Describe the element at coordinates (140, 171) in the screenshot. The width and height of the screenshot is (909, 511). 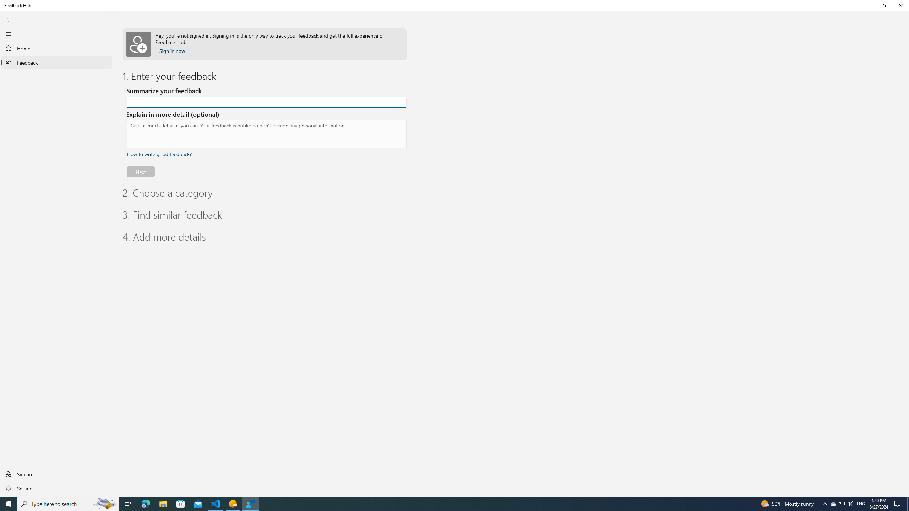
I see `'Next'` at that location.